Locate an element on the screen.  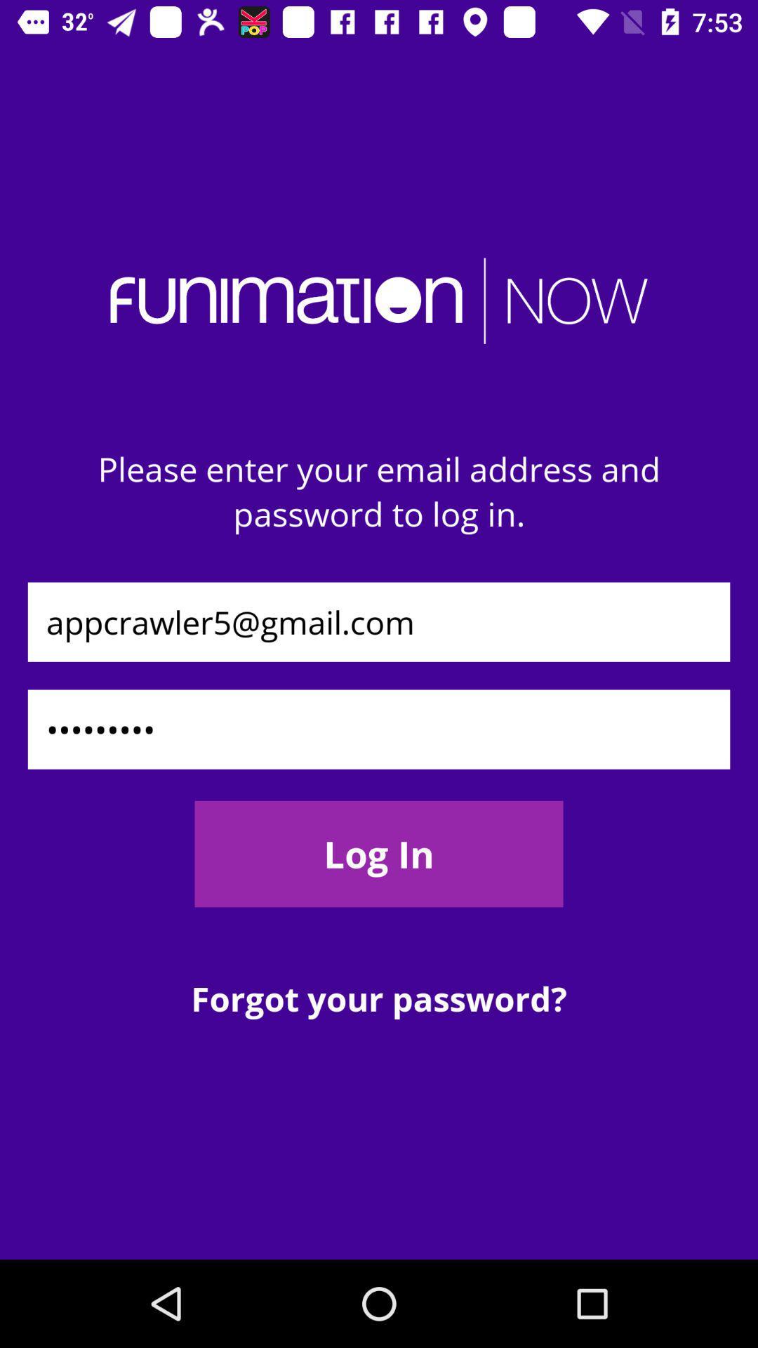
crowd3116 icon is located at coordinates (379, 729).